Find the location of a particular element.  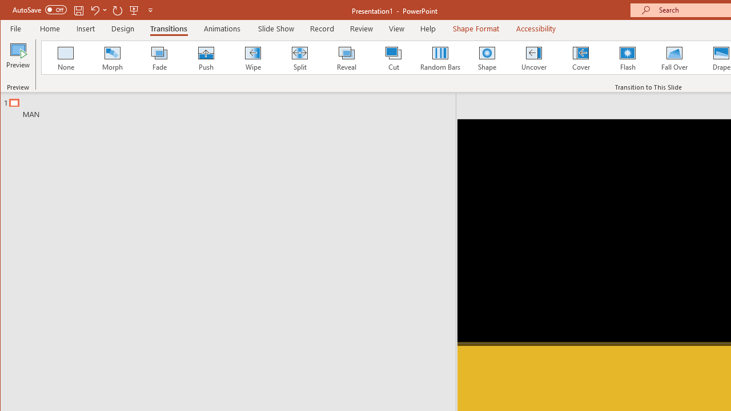

'Preview' is located at coordinates (18, 59).